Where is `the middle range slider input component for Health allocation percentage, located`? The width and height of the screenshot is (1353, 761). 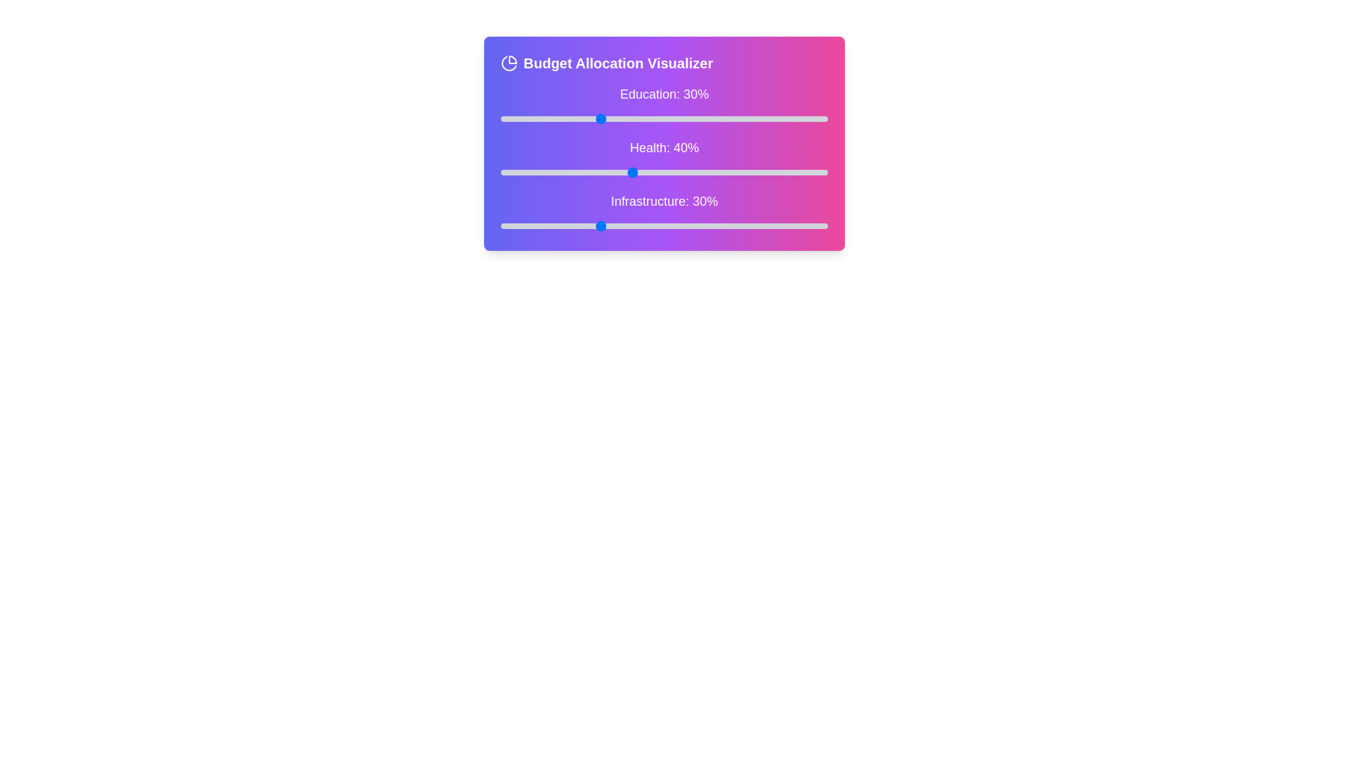 the middle range slider input component for Health allocation percentage, located is located at coordinates (663, 172).